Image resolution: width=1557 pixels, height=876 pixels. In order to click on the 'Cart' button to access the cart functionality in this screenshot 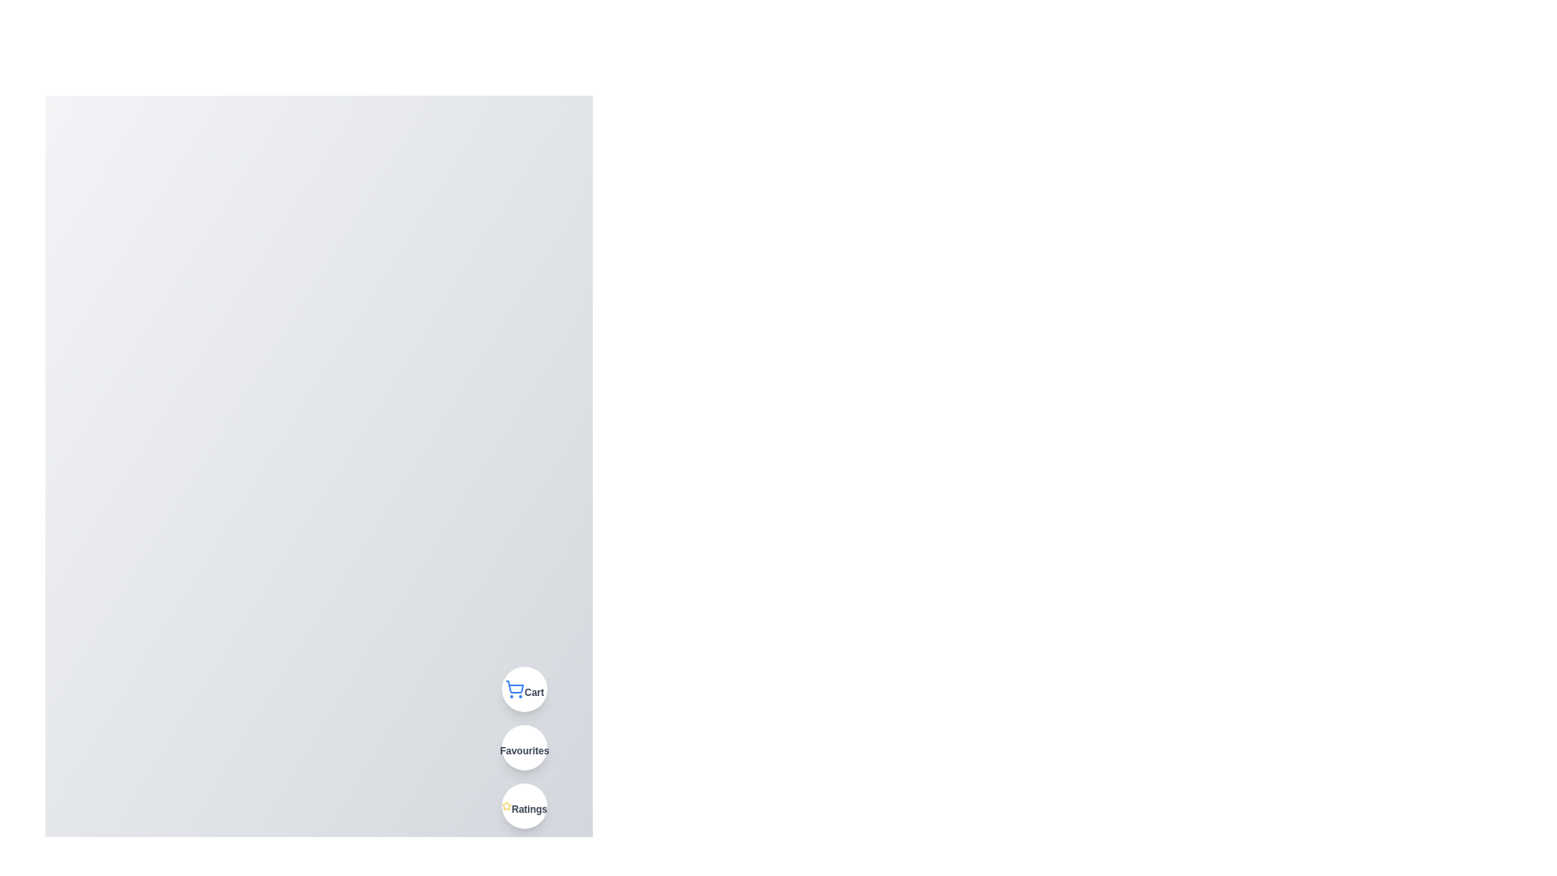, I will do `click(525, 689)`.